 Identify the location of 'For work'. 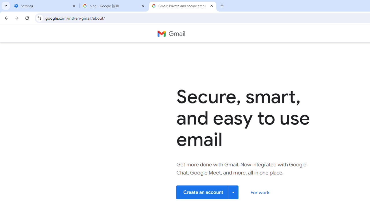
(260, 192).